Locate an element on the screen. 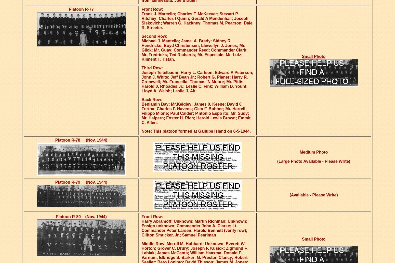 The height and width of the screenshot is (263, 395). 'Platoon R-77' is located at coordinates (81, 9).